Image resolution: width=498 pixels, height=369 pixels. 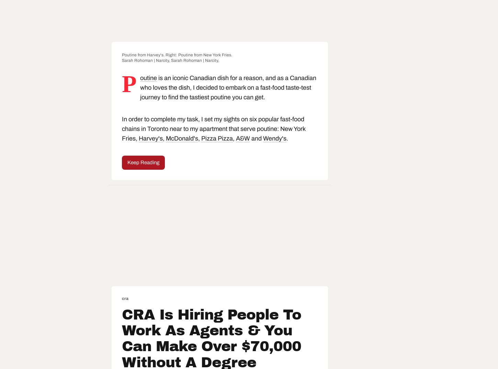 I want to click on 'McDonald's', so click(x=182, y=138).